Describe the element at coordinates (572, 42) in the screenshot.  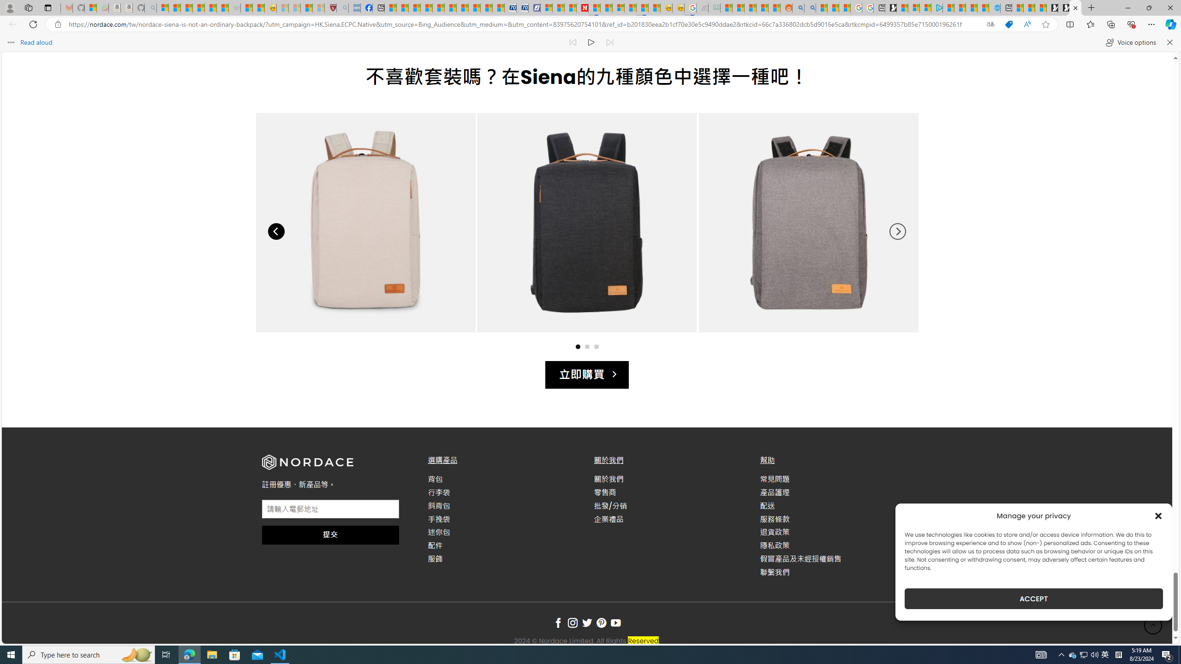
I see `'Read previous paragraph'` at that location.